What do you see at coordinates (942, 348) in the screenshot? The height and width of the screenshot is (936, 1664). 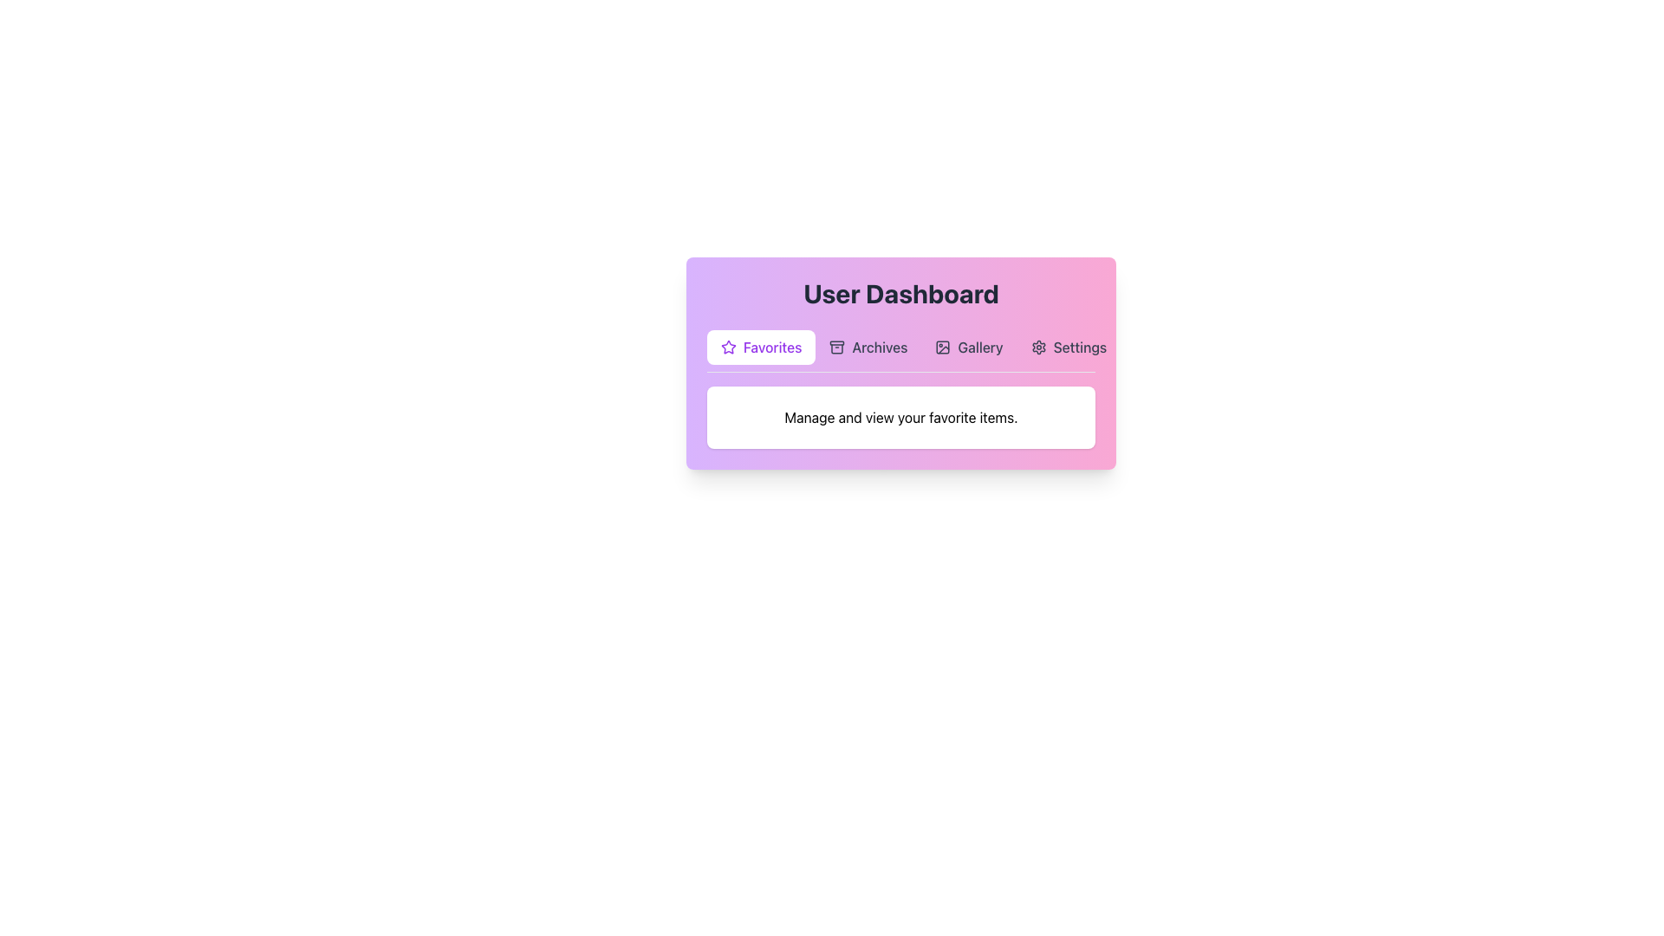 I see `the 'Gallery' icon in the navigational menu bar of the User Dashboard` at bounding box center [942, 348].